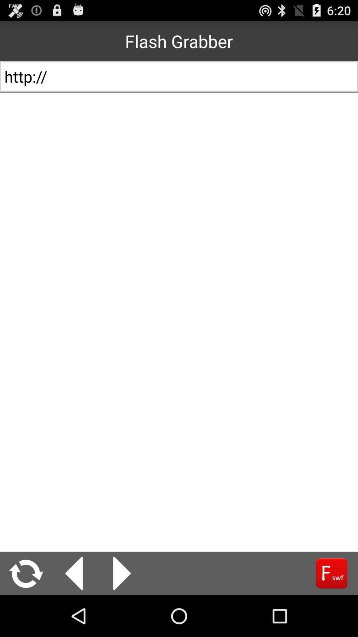 The image size is (358, 637). Describe the element at coordinates (331, 613) in the screenshot. I see `the folder icon` at that location.